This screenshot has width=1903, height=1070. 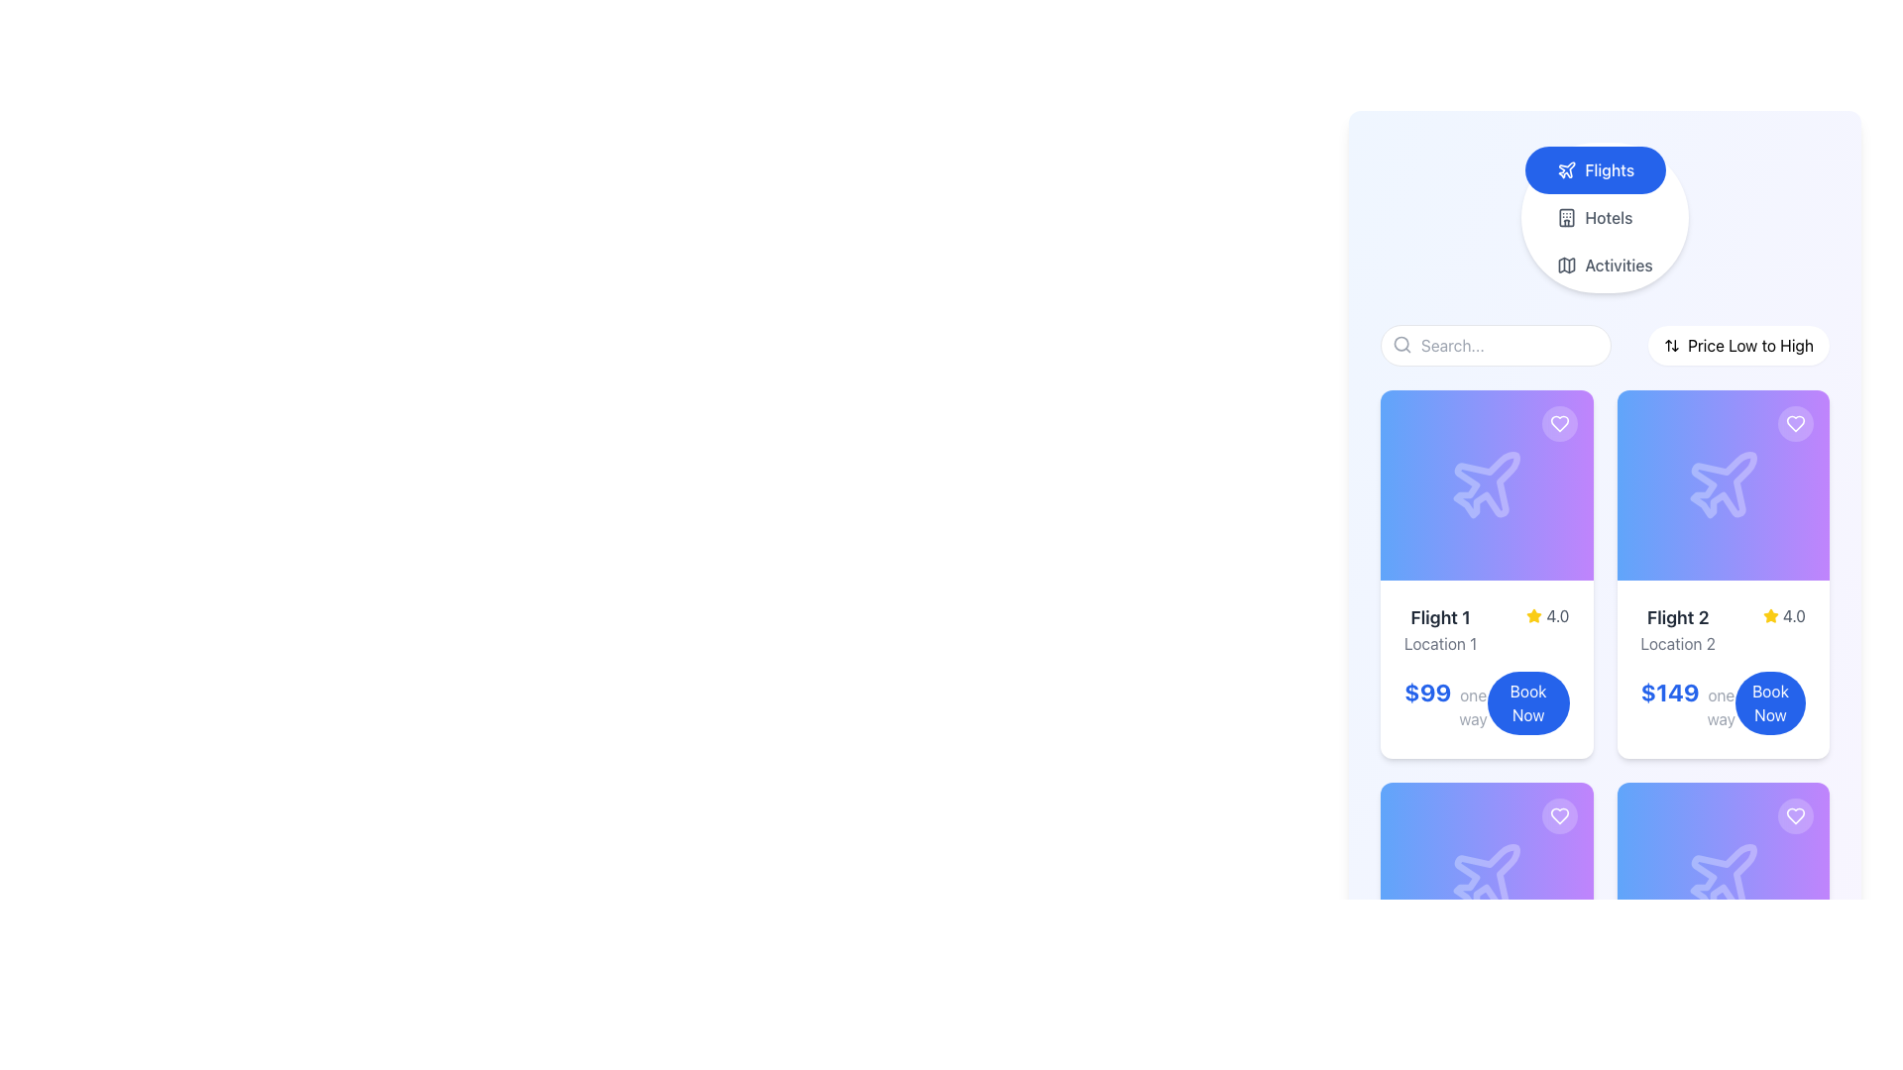 I want to click on the heart icon in the top-right corner of the second flight information card, so click(x=1558, y=423).